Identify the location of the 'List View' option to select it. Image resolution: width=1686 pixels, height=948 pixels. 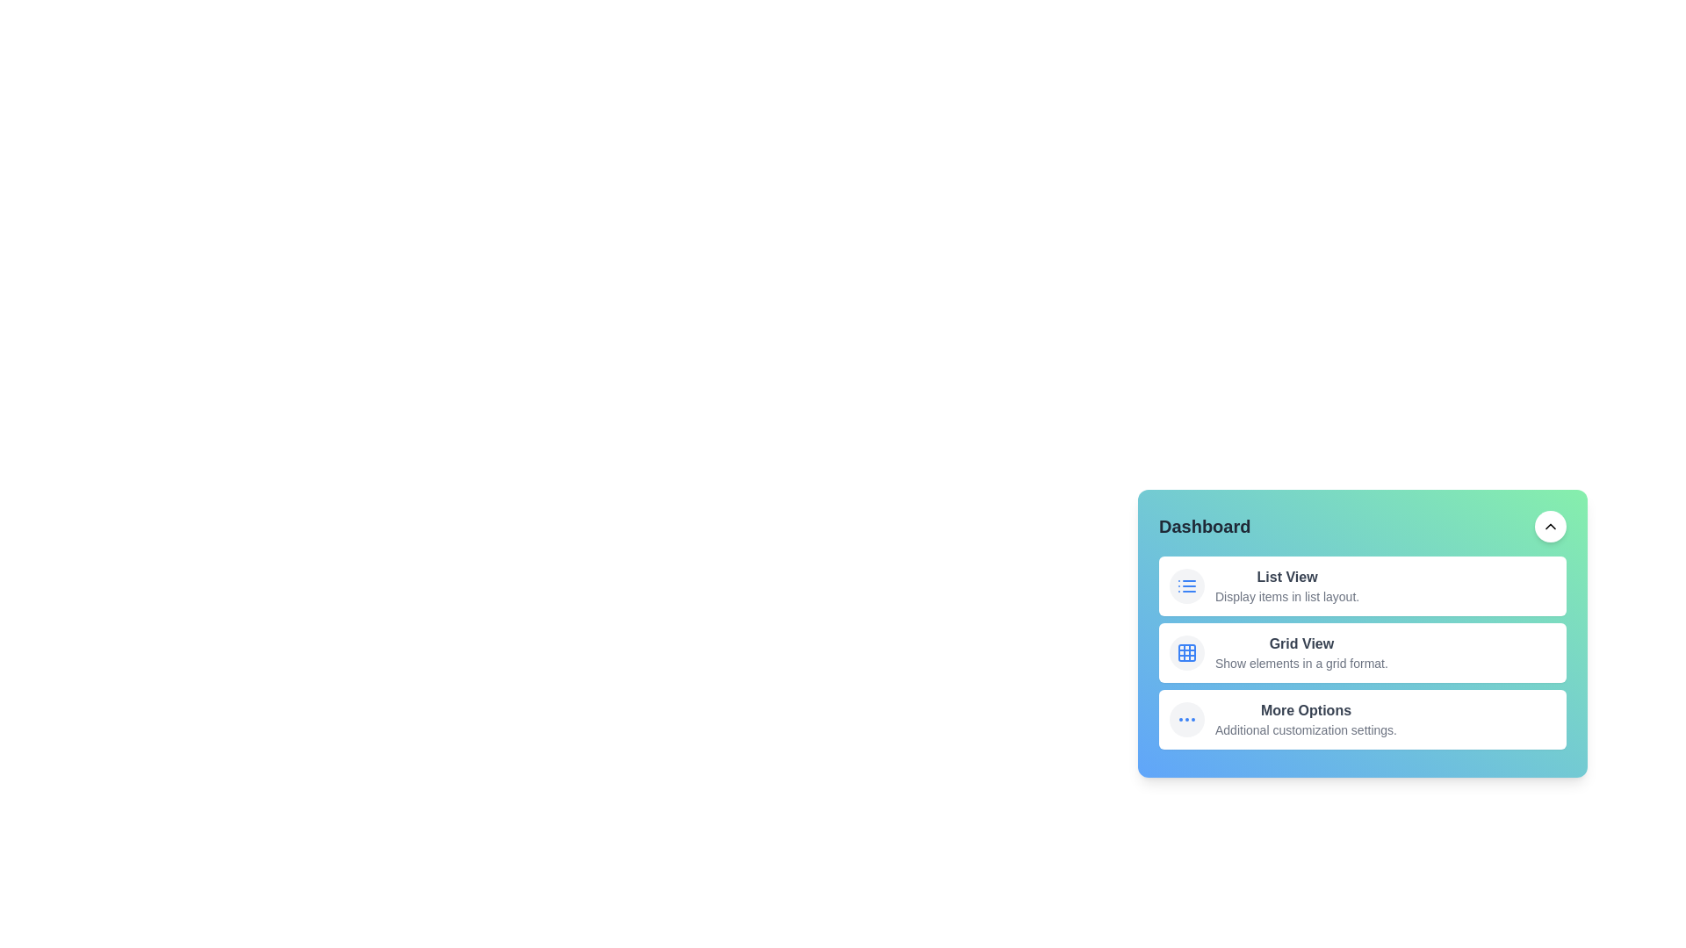
(1286, 578).